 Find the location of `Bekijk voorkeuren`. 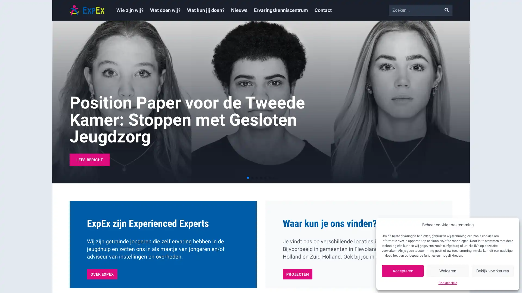

Bekijk voorkeuren is located at coordinates (492, 271).